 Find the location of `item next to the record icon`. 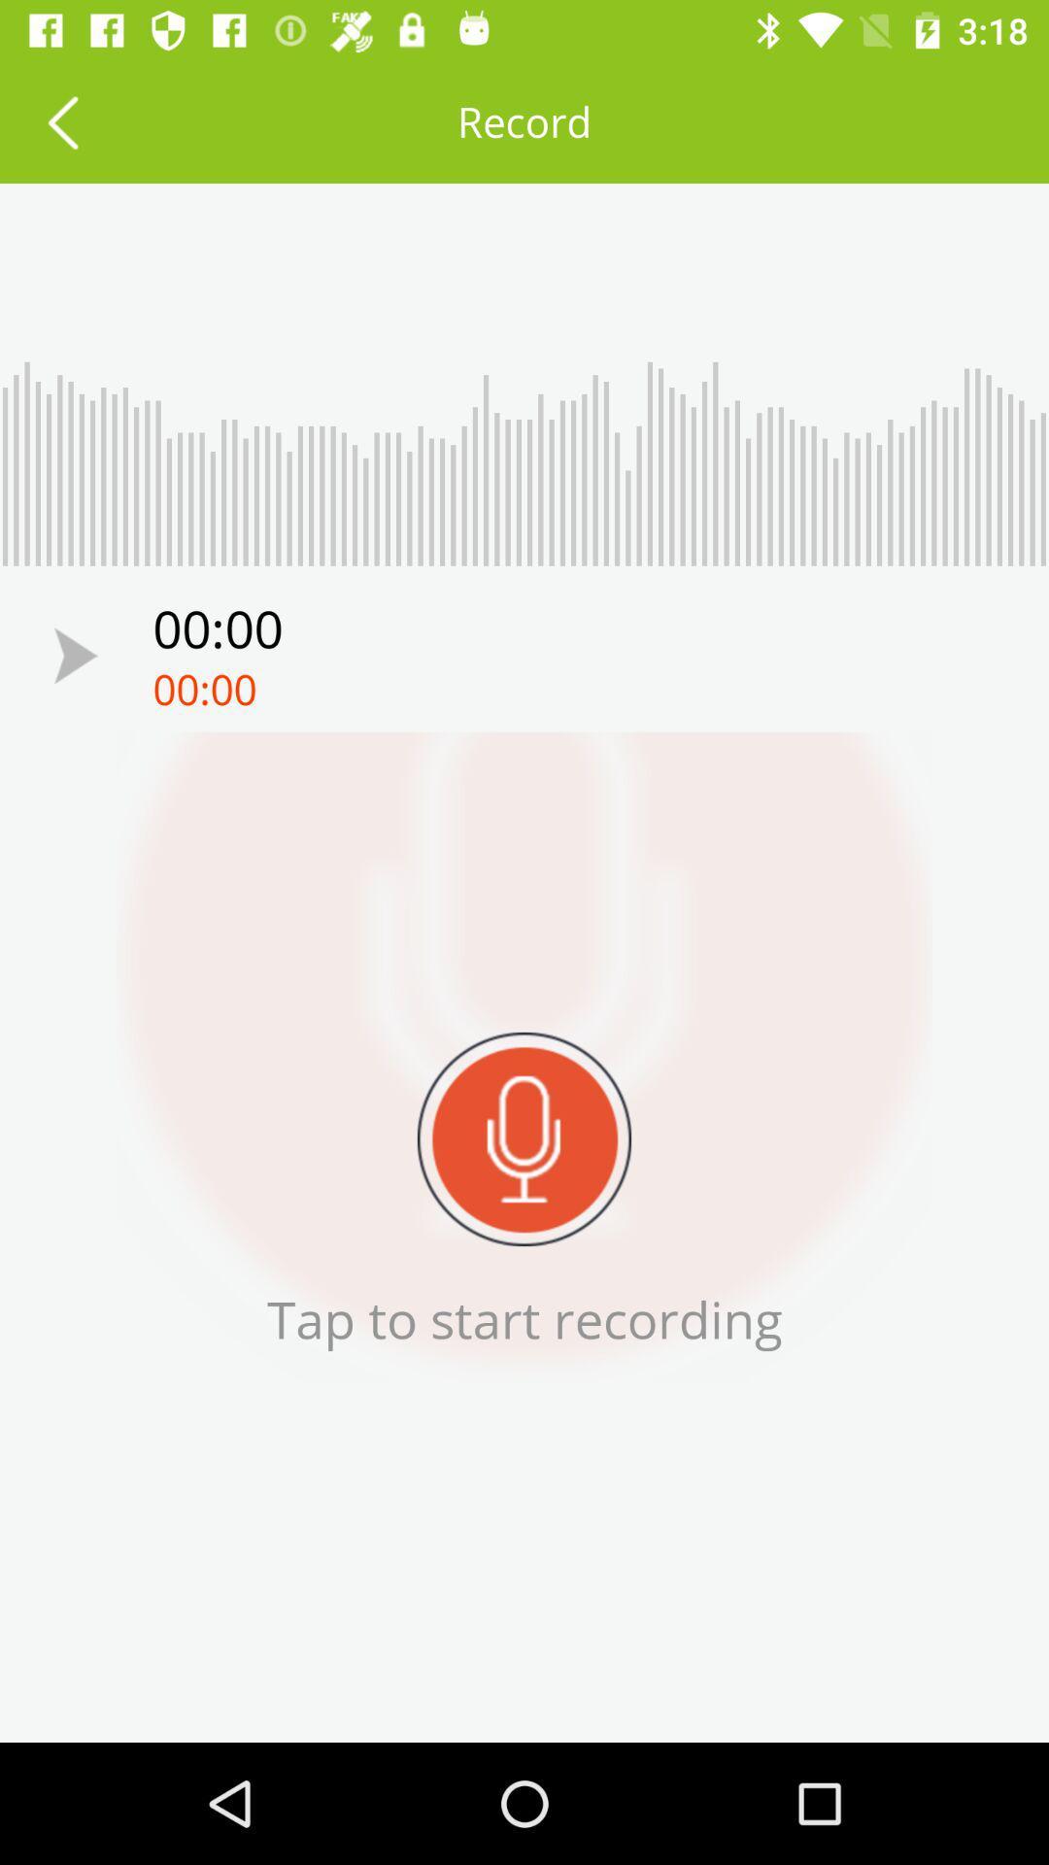

item next to the record icon is located at coordinates (61, 120).